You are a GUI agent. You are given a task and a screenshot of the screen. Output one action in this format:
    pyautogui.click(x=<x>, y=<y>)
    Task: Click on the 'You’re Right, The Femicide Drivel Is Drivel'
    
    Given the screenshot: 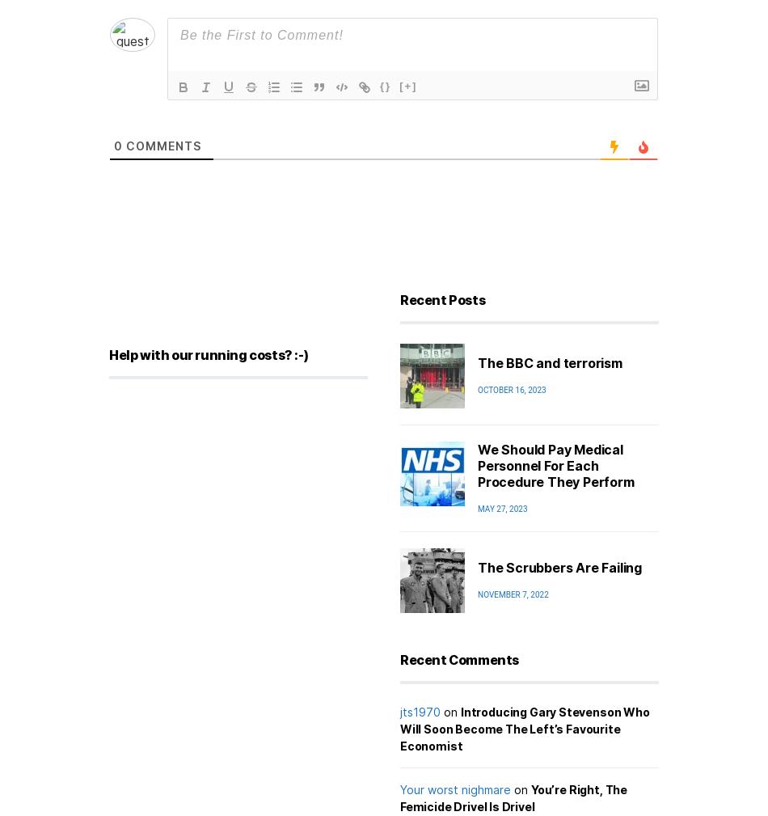 What is the action you would take?
    pyautogui.click(x=513, y=797)
    